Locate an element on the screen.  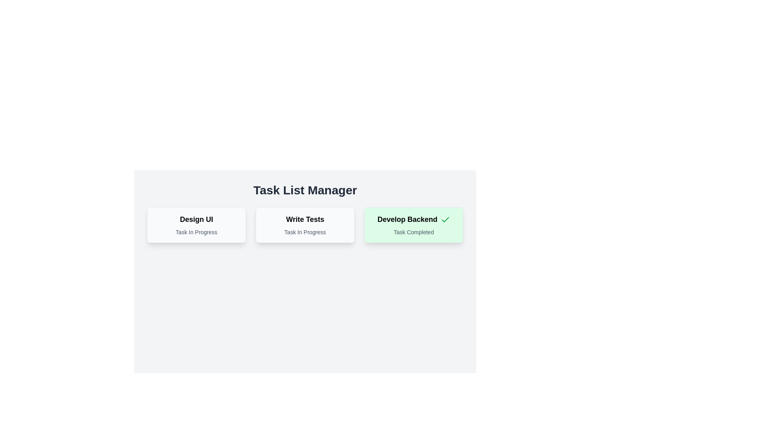
the completion status icon for the 'Develop Backend' task located at the top right corner of the task card is located at coordinates (445, 219).